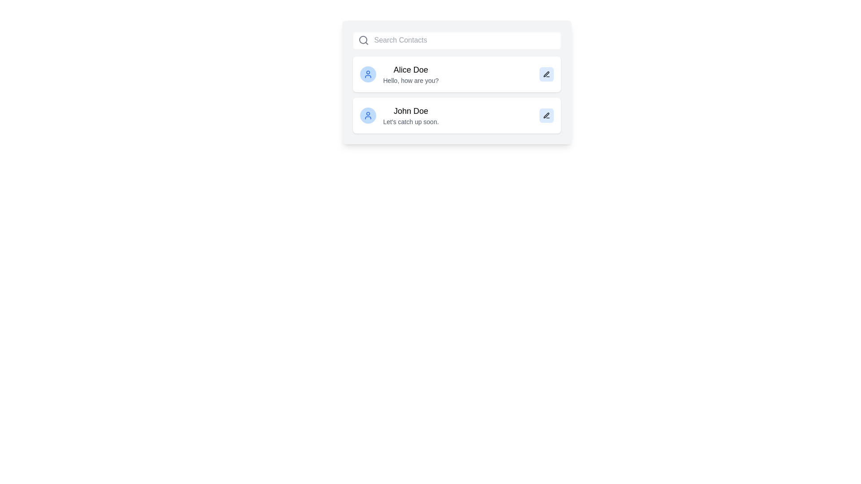 The height and width of the screenshot is (484, 861). I want to click on edit button for John Doe, so click(546, 115).